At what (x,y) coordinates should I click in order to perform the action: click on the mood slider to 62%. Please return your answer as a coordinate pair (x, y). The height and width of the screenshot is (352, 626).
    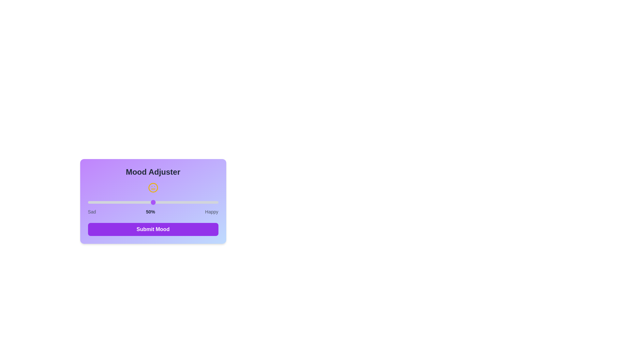
    Looking at the image, I should click on (169, 202).